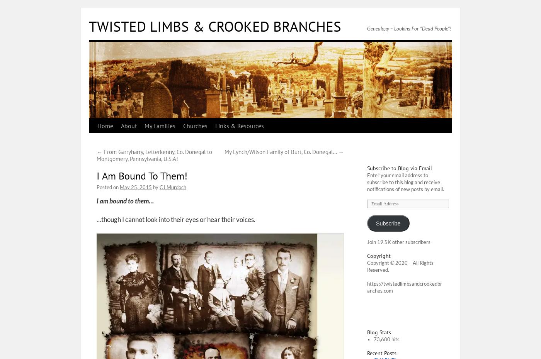  I want to click on 'May 25, 2015', so click(136, 186).